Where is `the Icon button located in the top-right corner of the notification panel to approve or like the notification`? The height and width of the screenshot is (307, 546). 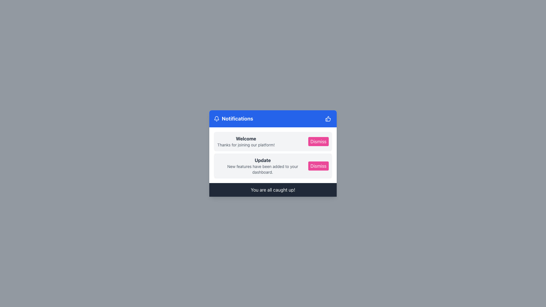
the Icon button located in the top-right corner of the notification panel to approve or like the notification is located at coordinates (328, 118).